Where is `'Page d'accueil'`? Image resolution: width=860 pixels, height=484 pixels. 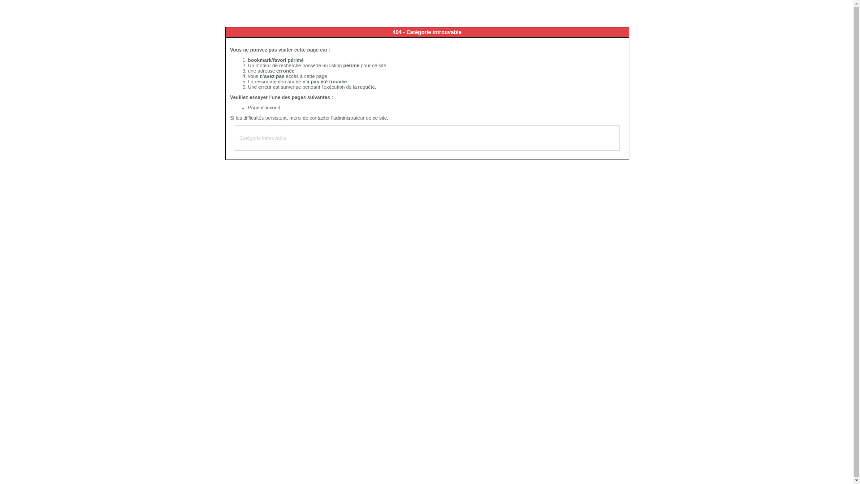
'Page d'accueil' is located at coordinates (248, 107).